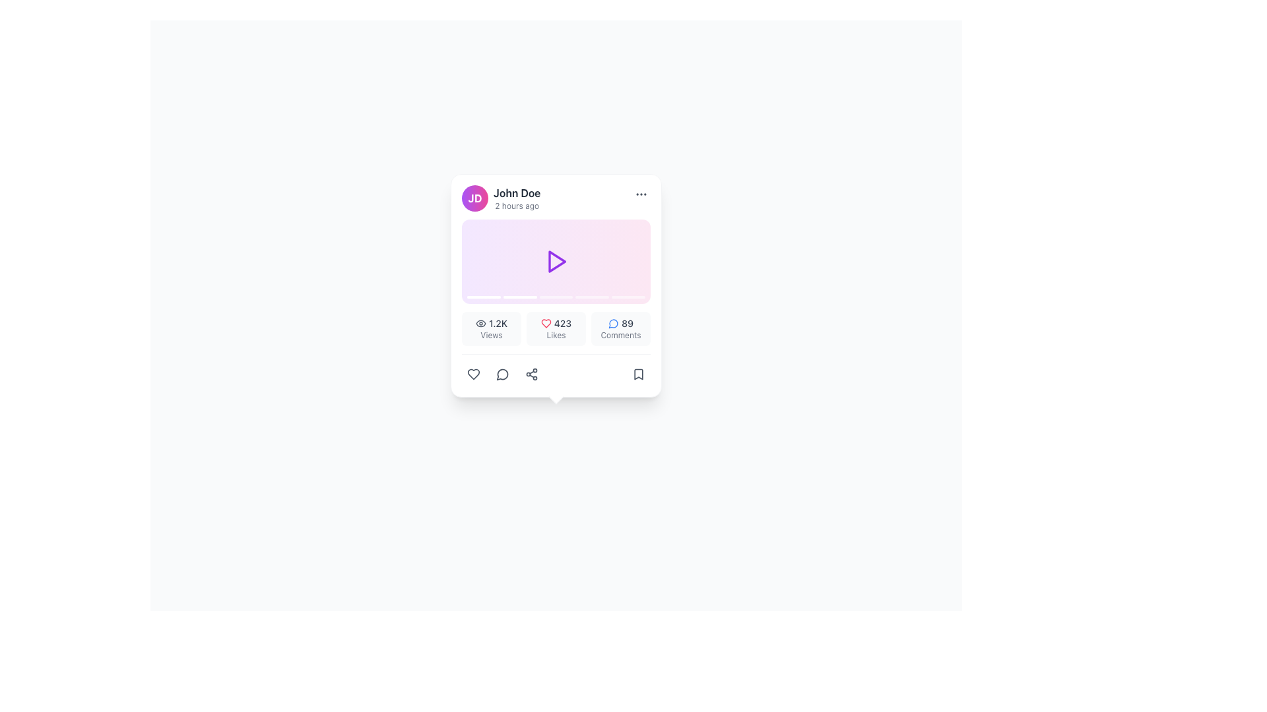 The width and height of the screenshot is (1267, 712). What do you see at coordinates (532, 374) in the screenshot?
I see `the 'Share' icon button located in the bottom action bar of the card interface` at bounding box center [532, 374].